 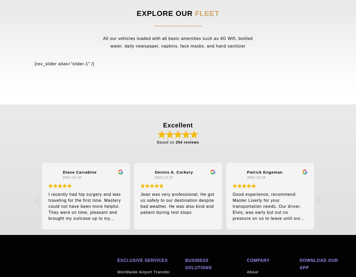 What do you see at coordinates (265, 172) in the screenshot?
I see `'Patrick Engeman'` at bounding box center [265, 172].